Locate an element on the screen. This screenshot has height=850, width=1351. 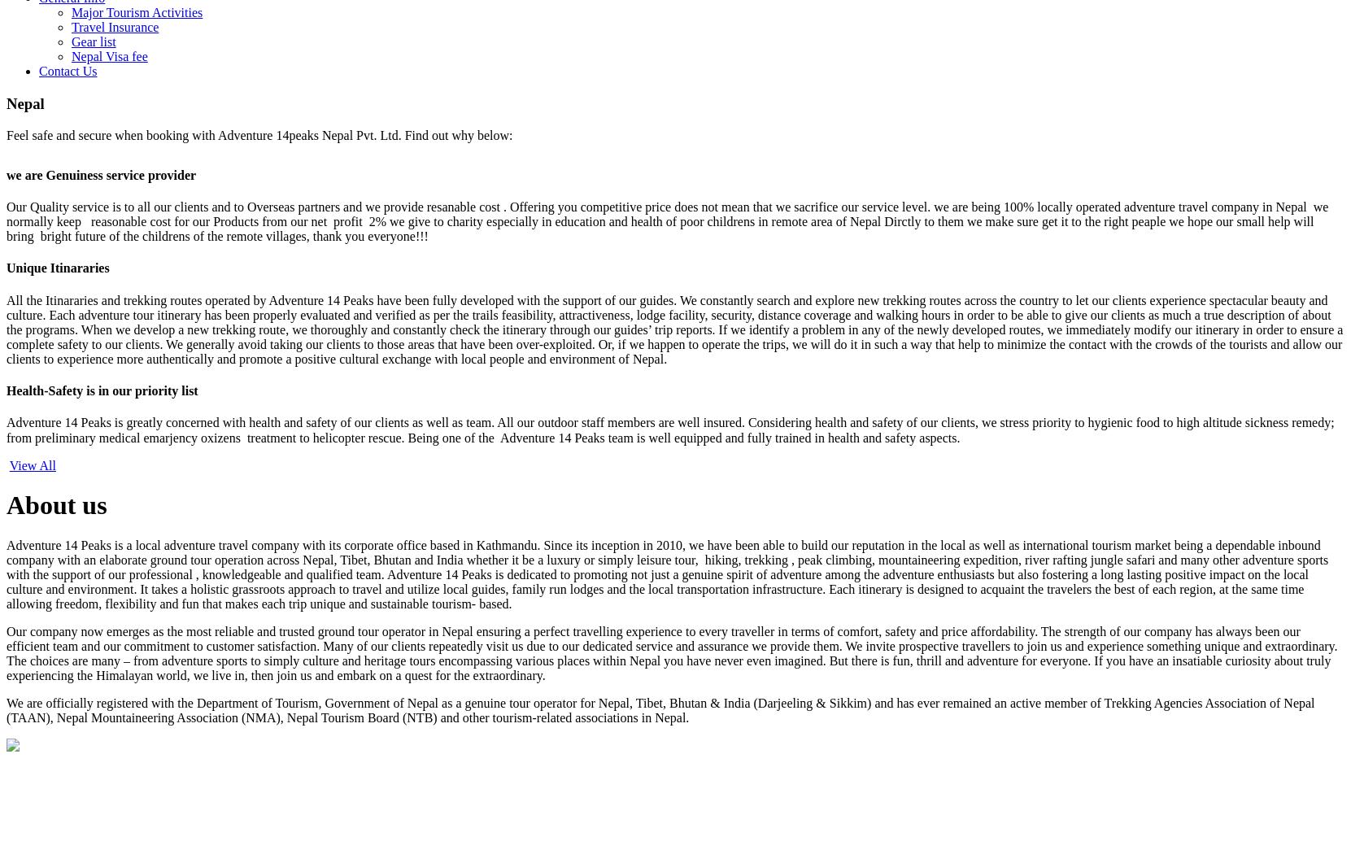
'Contact Us' is located at coordinates (67, 70).